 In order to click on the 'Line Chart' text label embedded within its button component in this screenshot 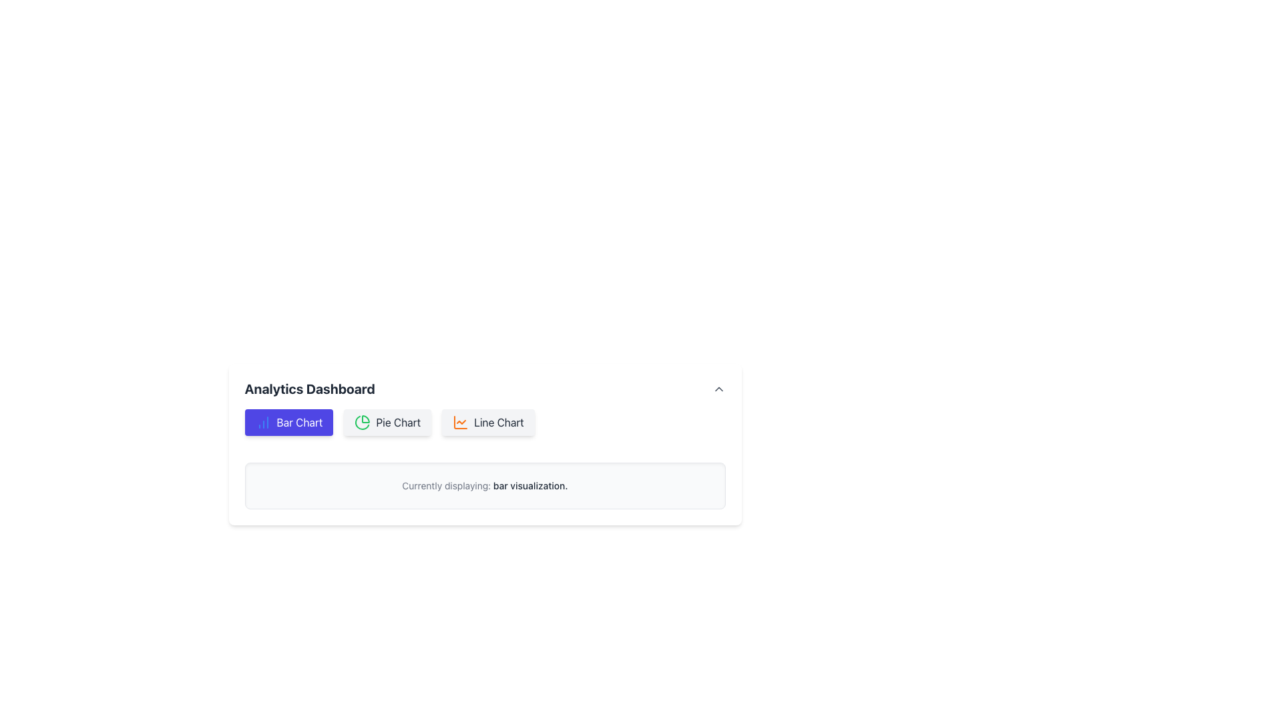, I will do `click(498, 422)`.